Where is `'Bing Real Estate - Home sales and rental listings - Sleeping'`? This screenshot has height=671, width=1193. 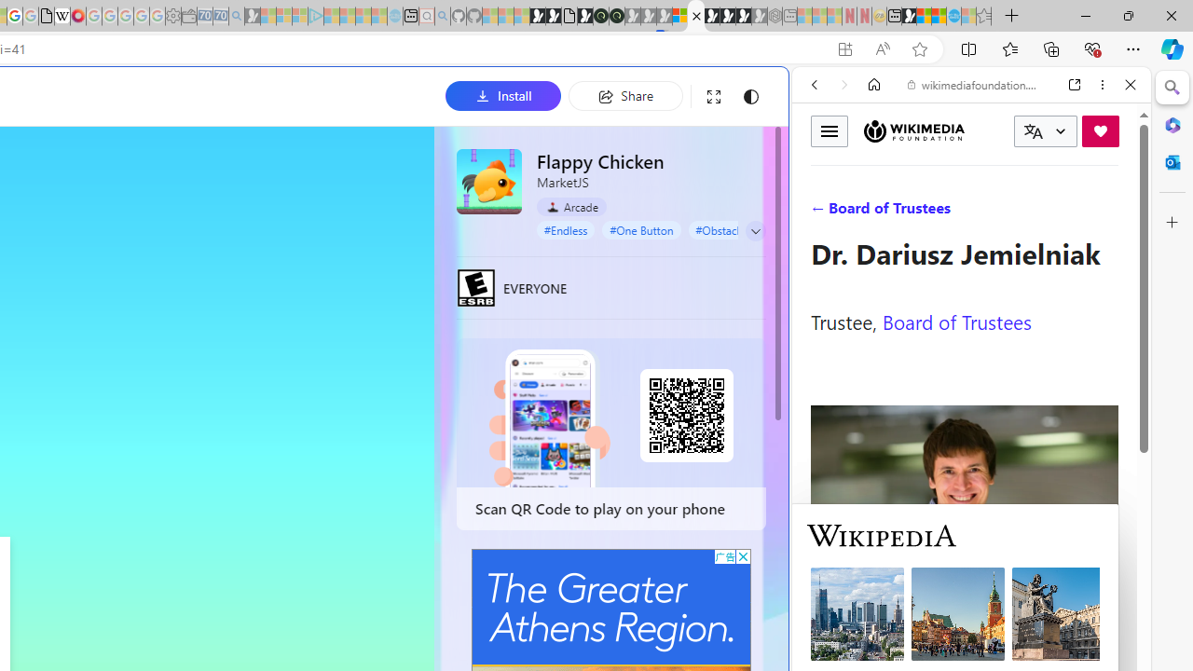
'Bing Real Estate - Home sales and rental listings - Sleeping' is located at coordinates (236, 16).